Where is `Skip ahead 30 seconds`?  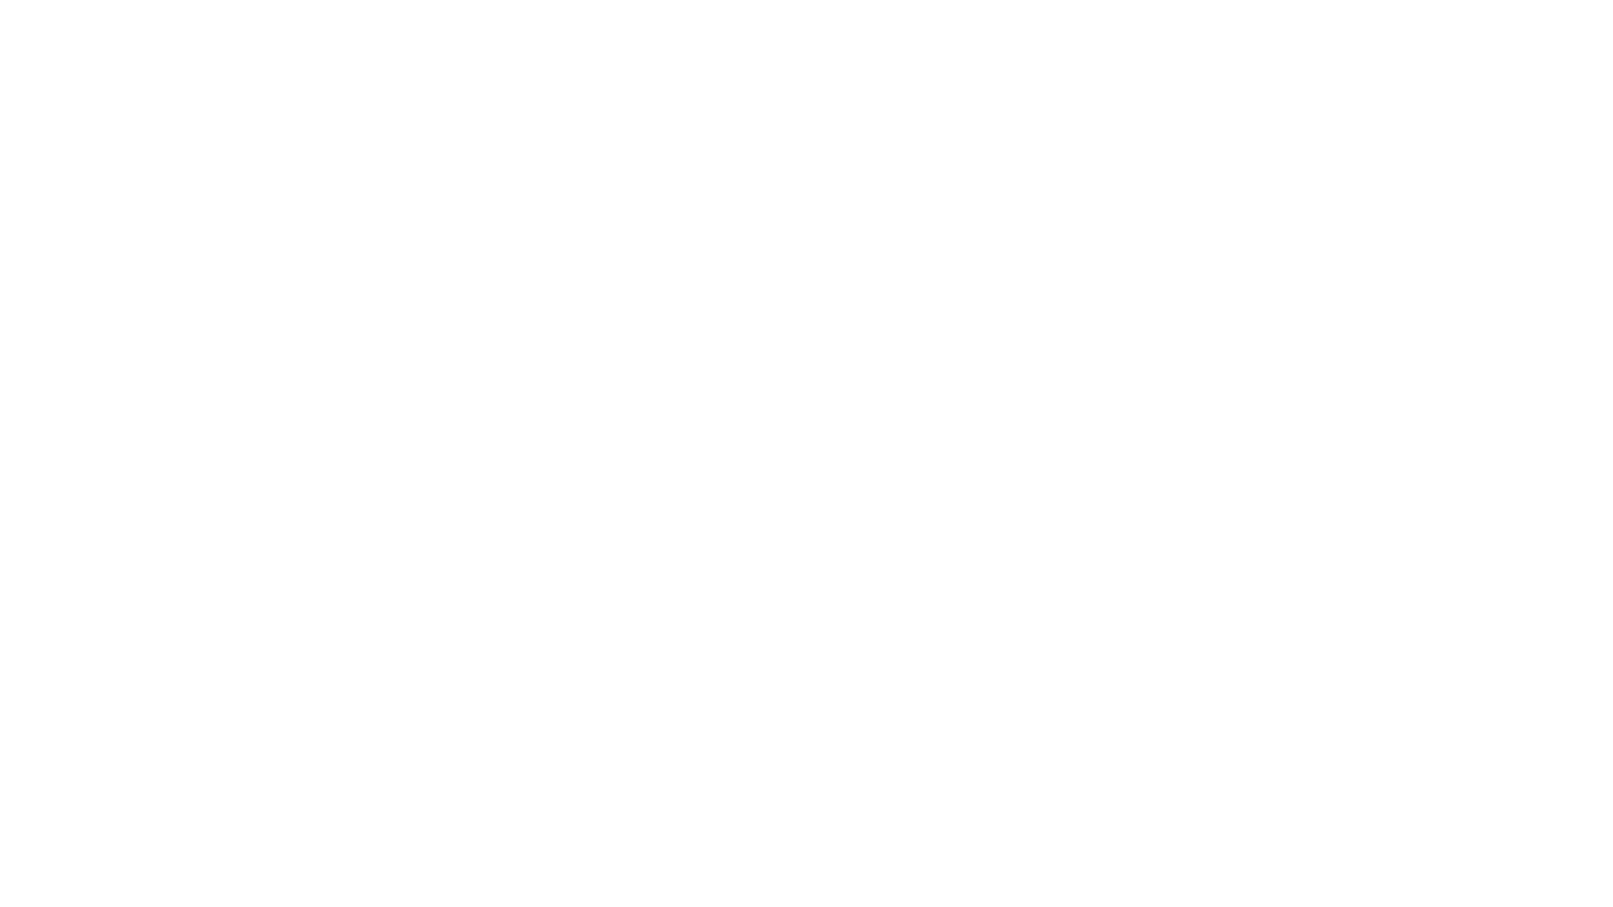
Skip ahead 30 seconds is located at coordinates (137, 873).